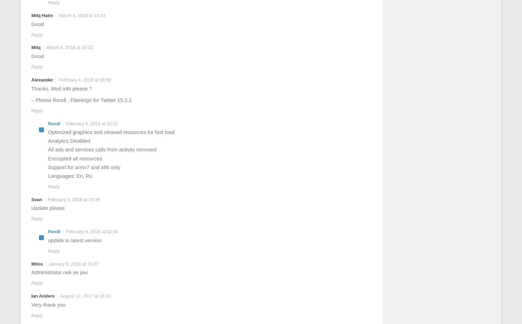 The image size is (522, 324). What do you see at coordinates (60, 272) in the screenshot?
I see `'Administrator nek se javi'` at bounding box center [60, 272].